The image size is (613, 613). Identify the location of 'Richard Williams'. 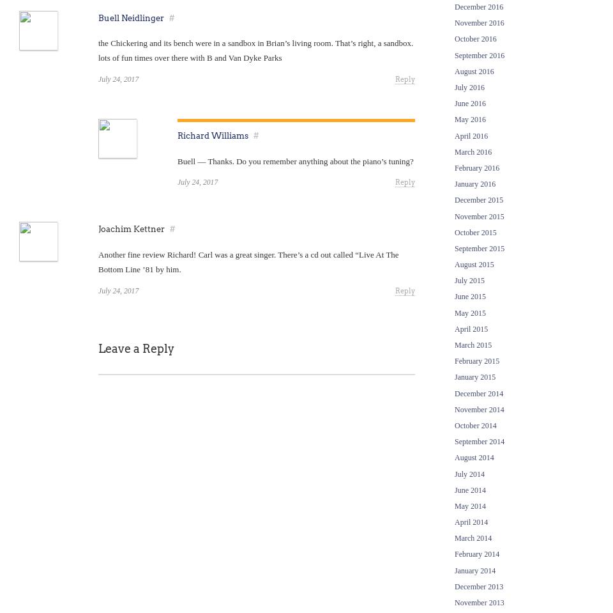
(213, 136).